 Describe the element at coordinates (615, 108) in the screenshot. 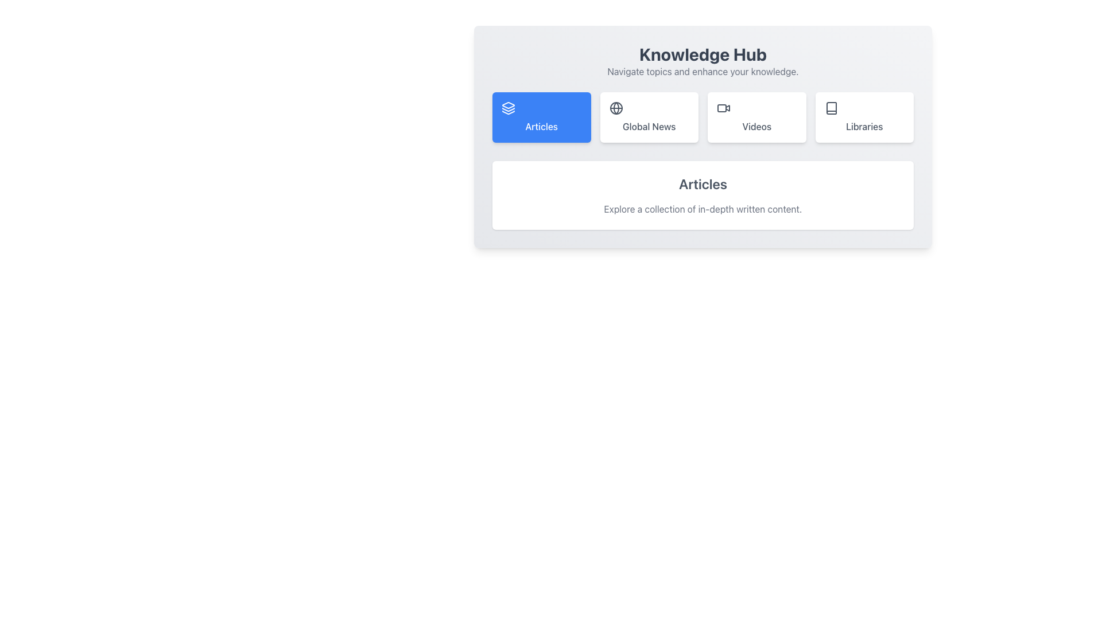

I see `the globe icon representing international news content located within the 'Global News' button, positioned between 'Articles' and 'Videos'` at that location.